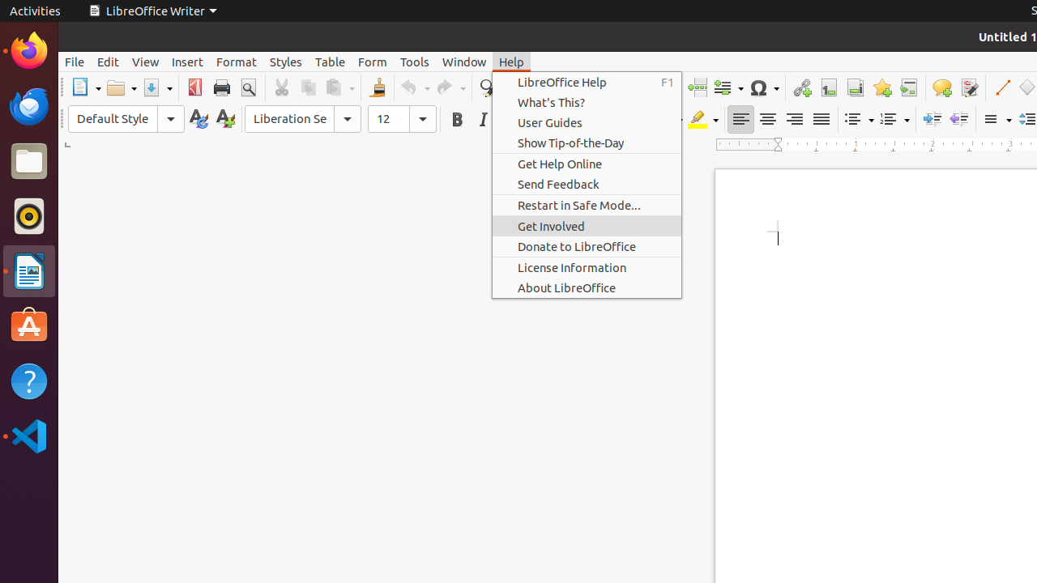 Image resolution: width=1037 pixels, height=583 pixels. Describe the element at coordinates (415, 61) in the screenshot. I see `'Tools'` at that location.